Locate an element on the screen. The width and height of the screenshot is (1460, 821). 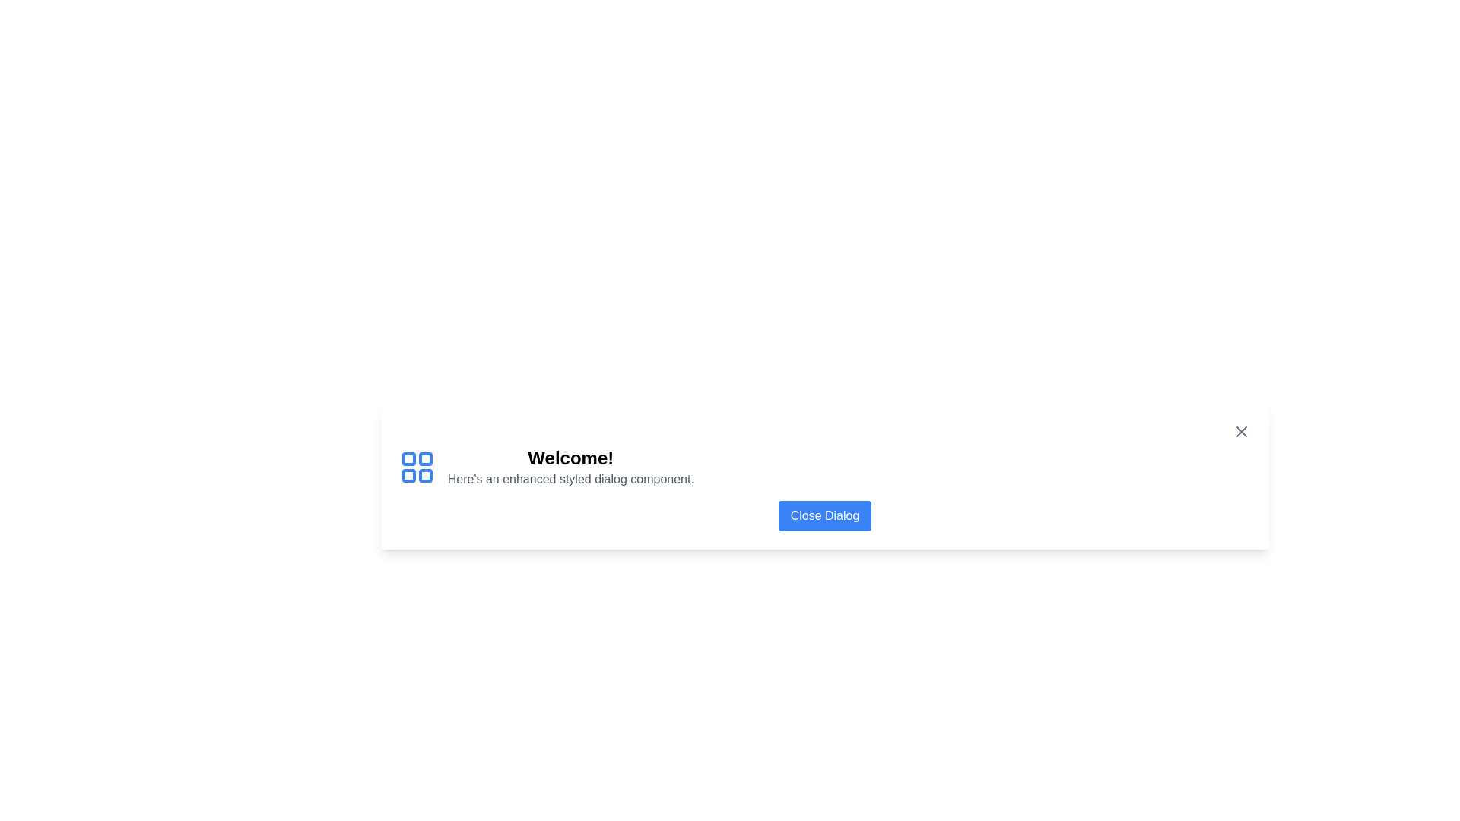
the close button, which is represented by a diagonal cross ('X') icon located at the top right corner of the dialog/modal box is located at coordinates (1242, 431).